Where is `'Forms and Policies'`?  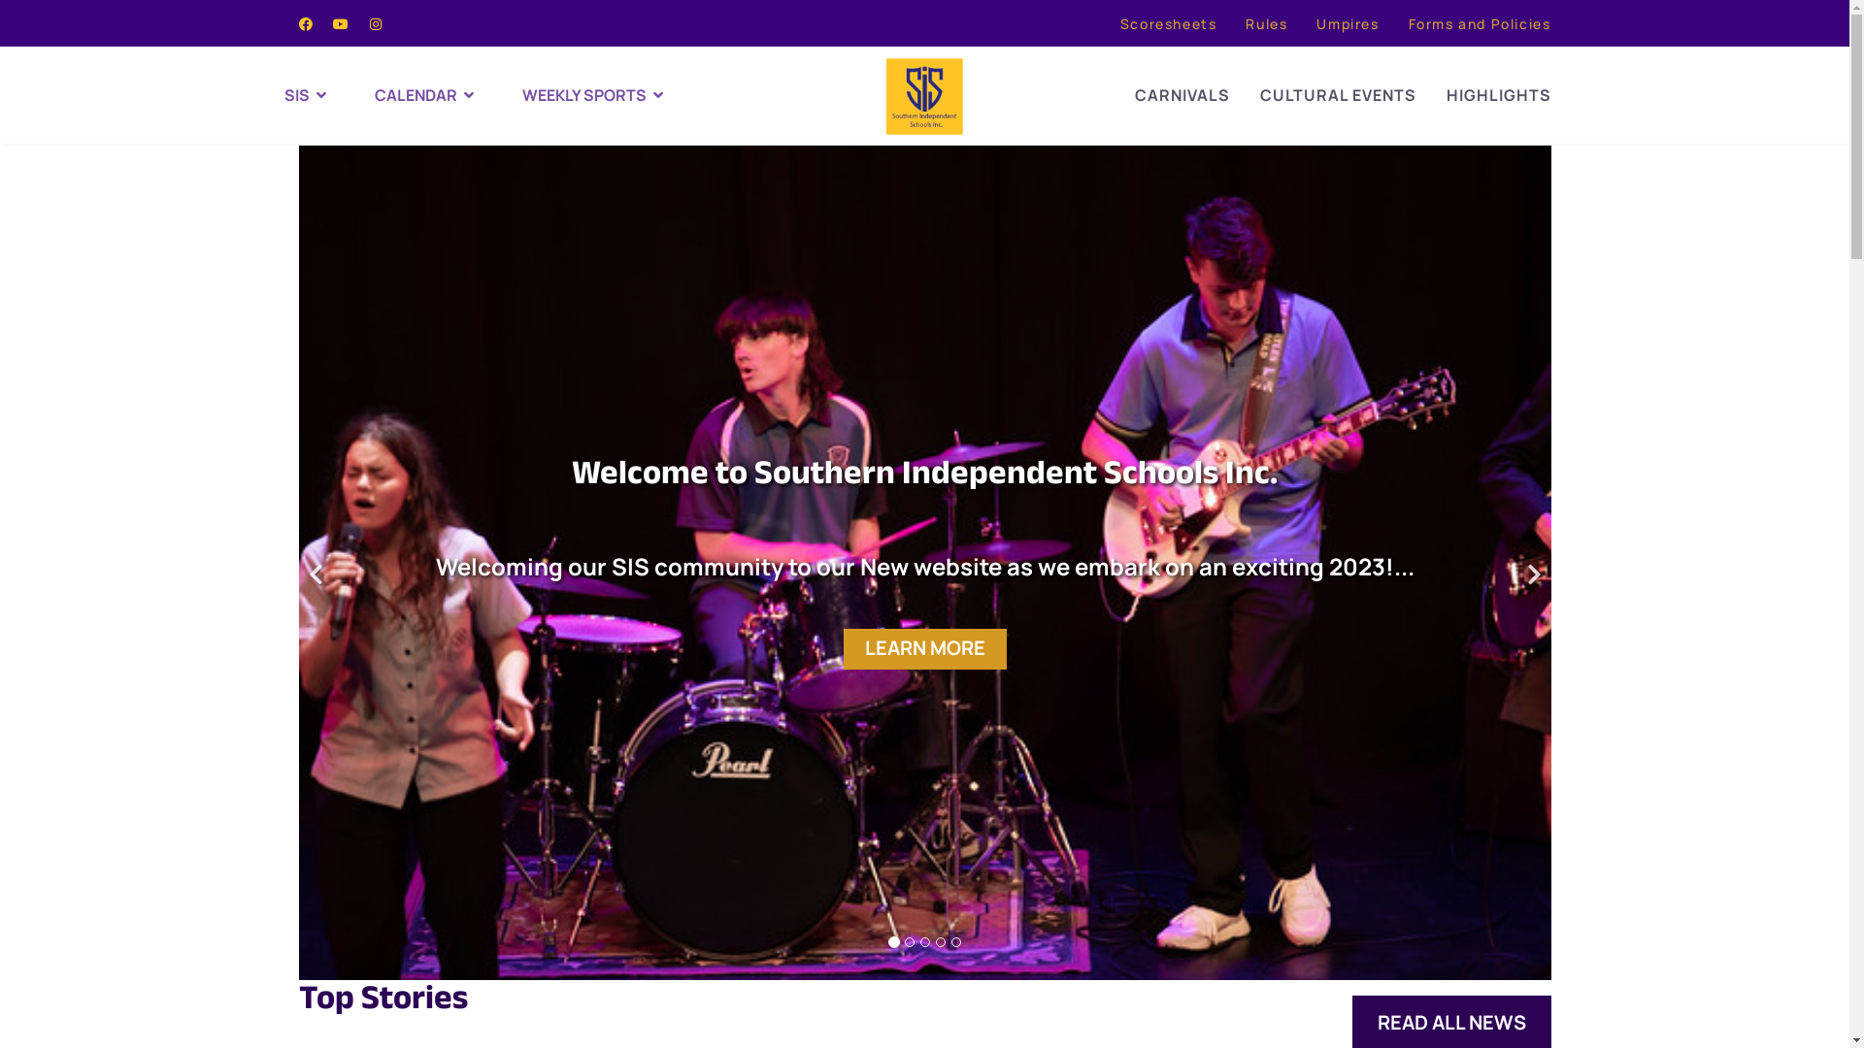
'Forms and Policies' is located at coordinates (1479, 23).